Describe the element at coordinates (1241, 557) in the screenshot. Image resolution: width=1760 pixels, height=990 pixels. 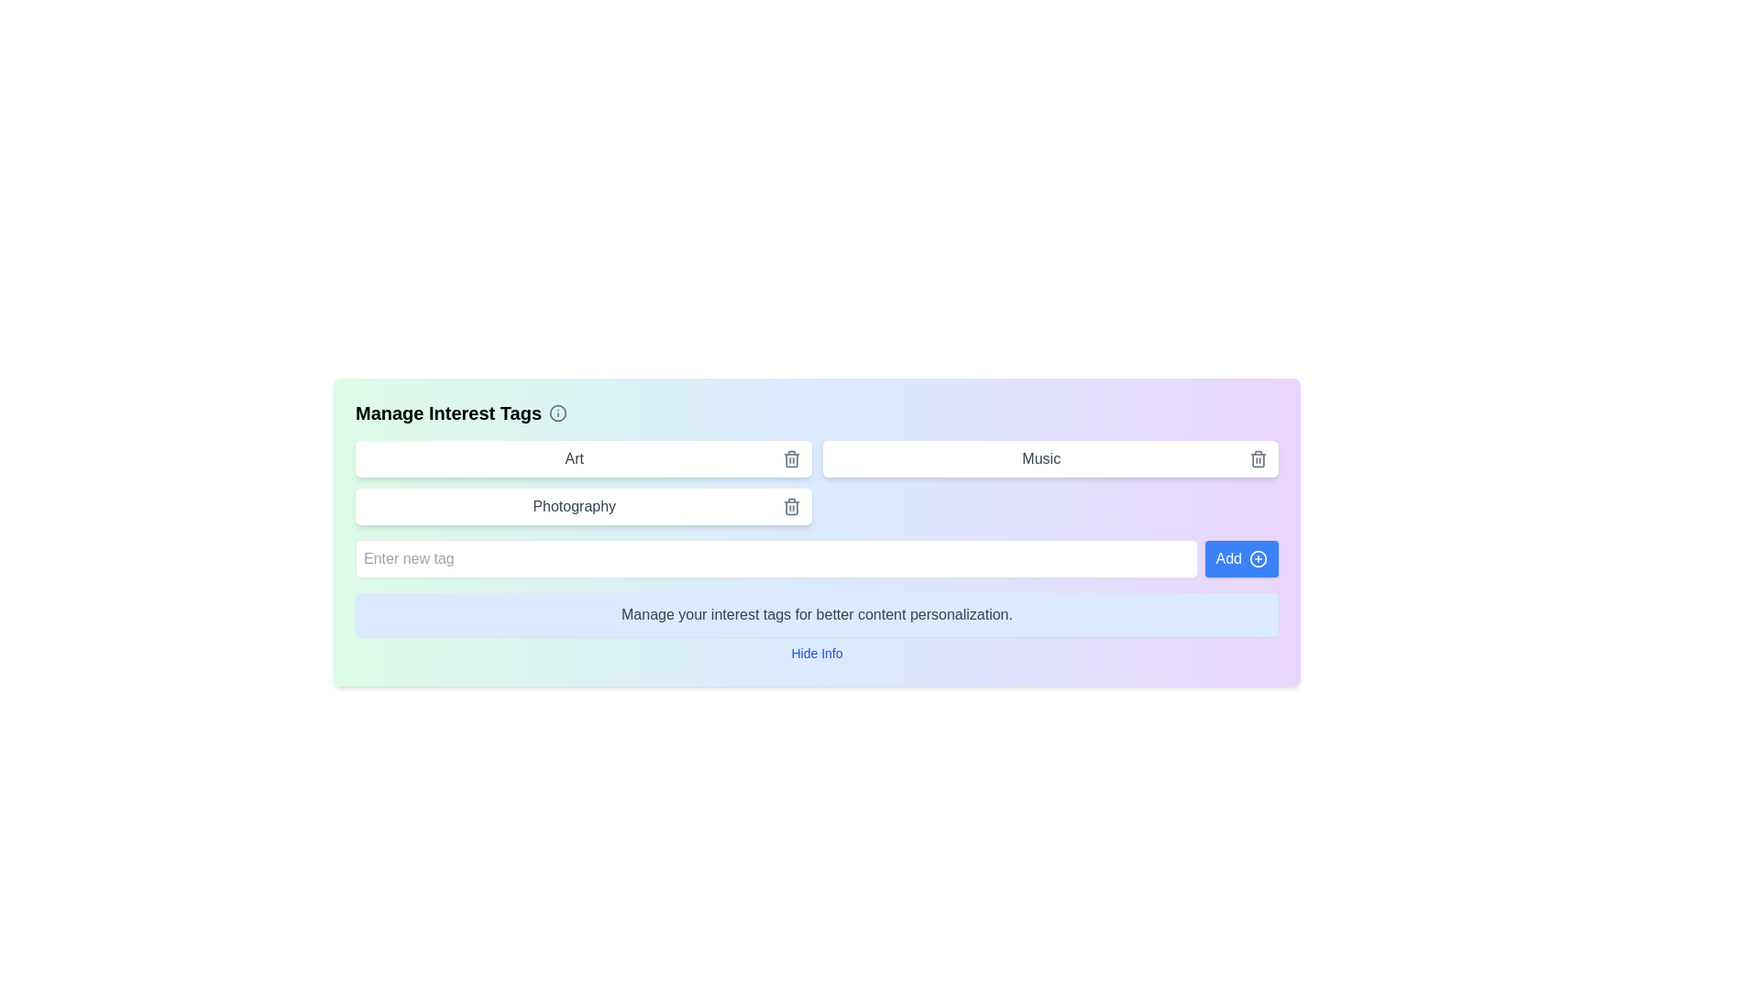
I see `the button located on the right-hand side of the 'Enter new tag' input field` at that location.